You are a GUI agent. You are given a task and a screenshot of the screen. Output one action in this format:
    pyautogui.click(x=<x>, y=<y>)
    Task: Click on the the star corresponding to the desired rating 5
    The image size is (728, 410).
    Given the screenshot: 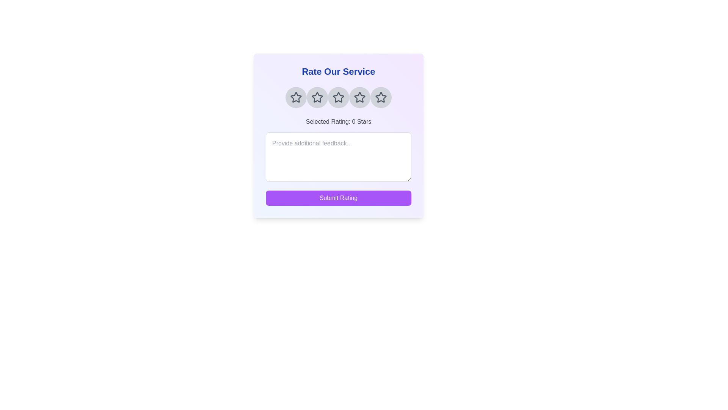 What is the action you would take?
    pyautogui.click(x=381, y=97)
    